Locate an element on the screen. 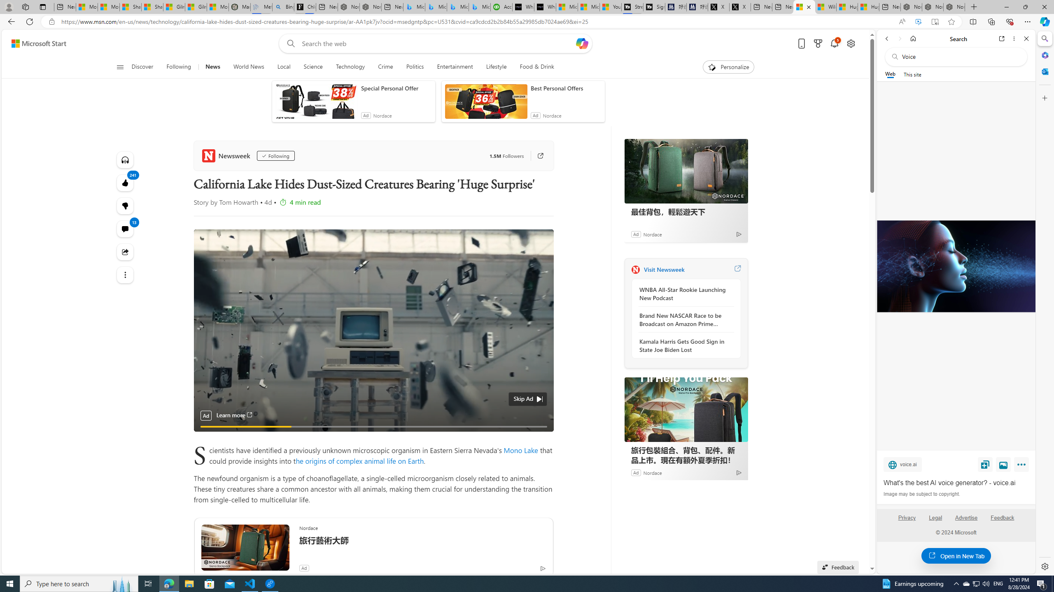 Image resolution: width=1054 pixels, height=592 pixels. 'Enter Immersive Reader (F9)' is located at coordinates (935, 22).